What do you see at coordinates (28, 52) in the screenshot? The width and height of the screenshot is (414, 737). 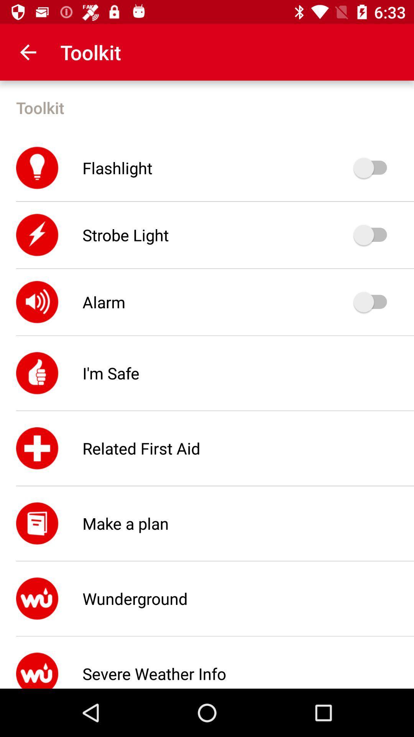 I see `the icon above the toolkit icon` at bounding box center [28, 52].